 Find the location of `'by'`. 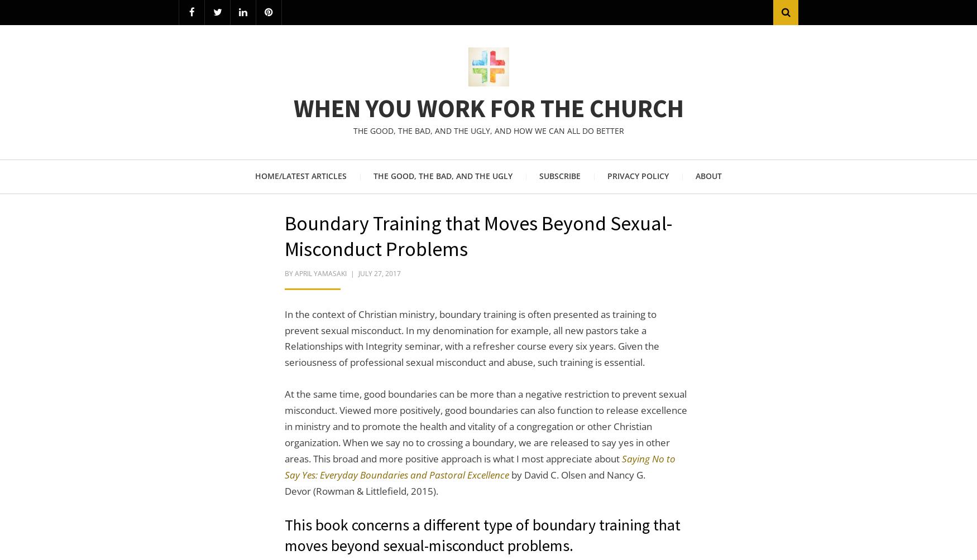

'by' is located at coordinates (289, 273).